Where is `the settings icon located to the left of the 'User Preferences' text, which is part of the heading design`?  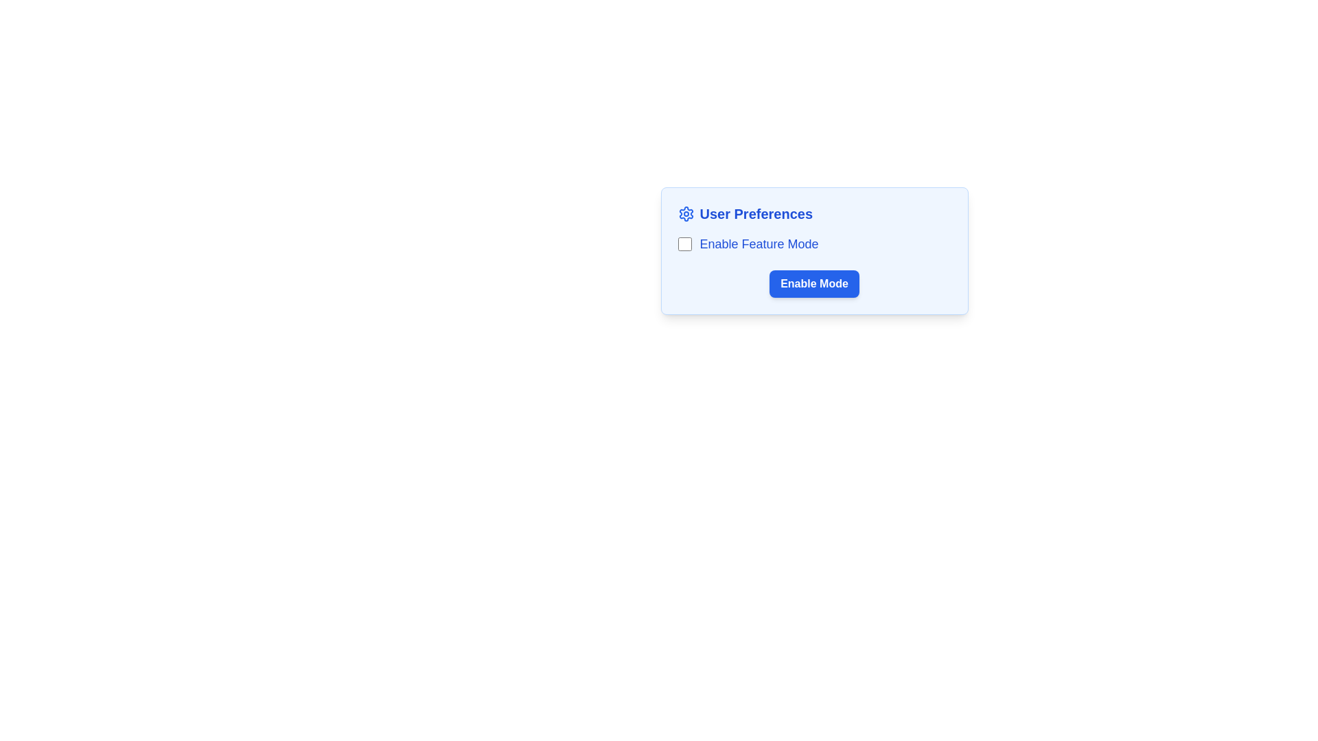
the settings icon located to the left of the 'User Preferences' text, which is part of the heading design is located at coordinates (686, 214).